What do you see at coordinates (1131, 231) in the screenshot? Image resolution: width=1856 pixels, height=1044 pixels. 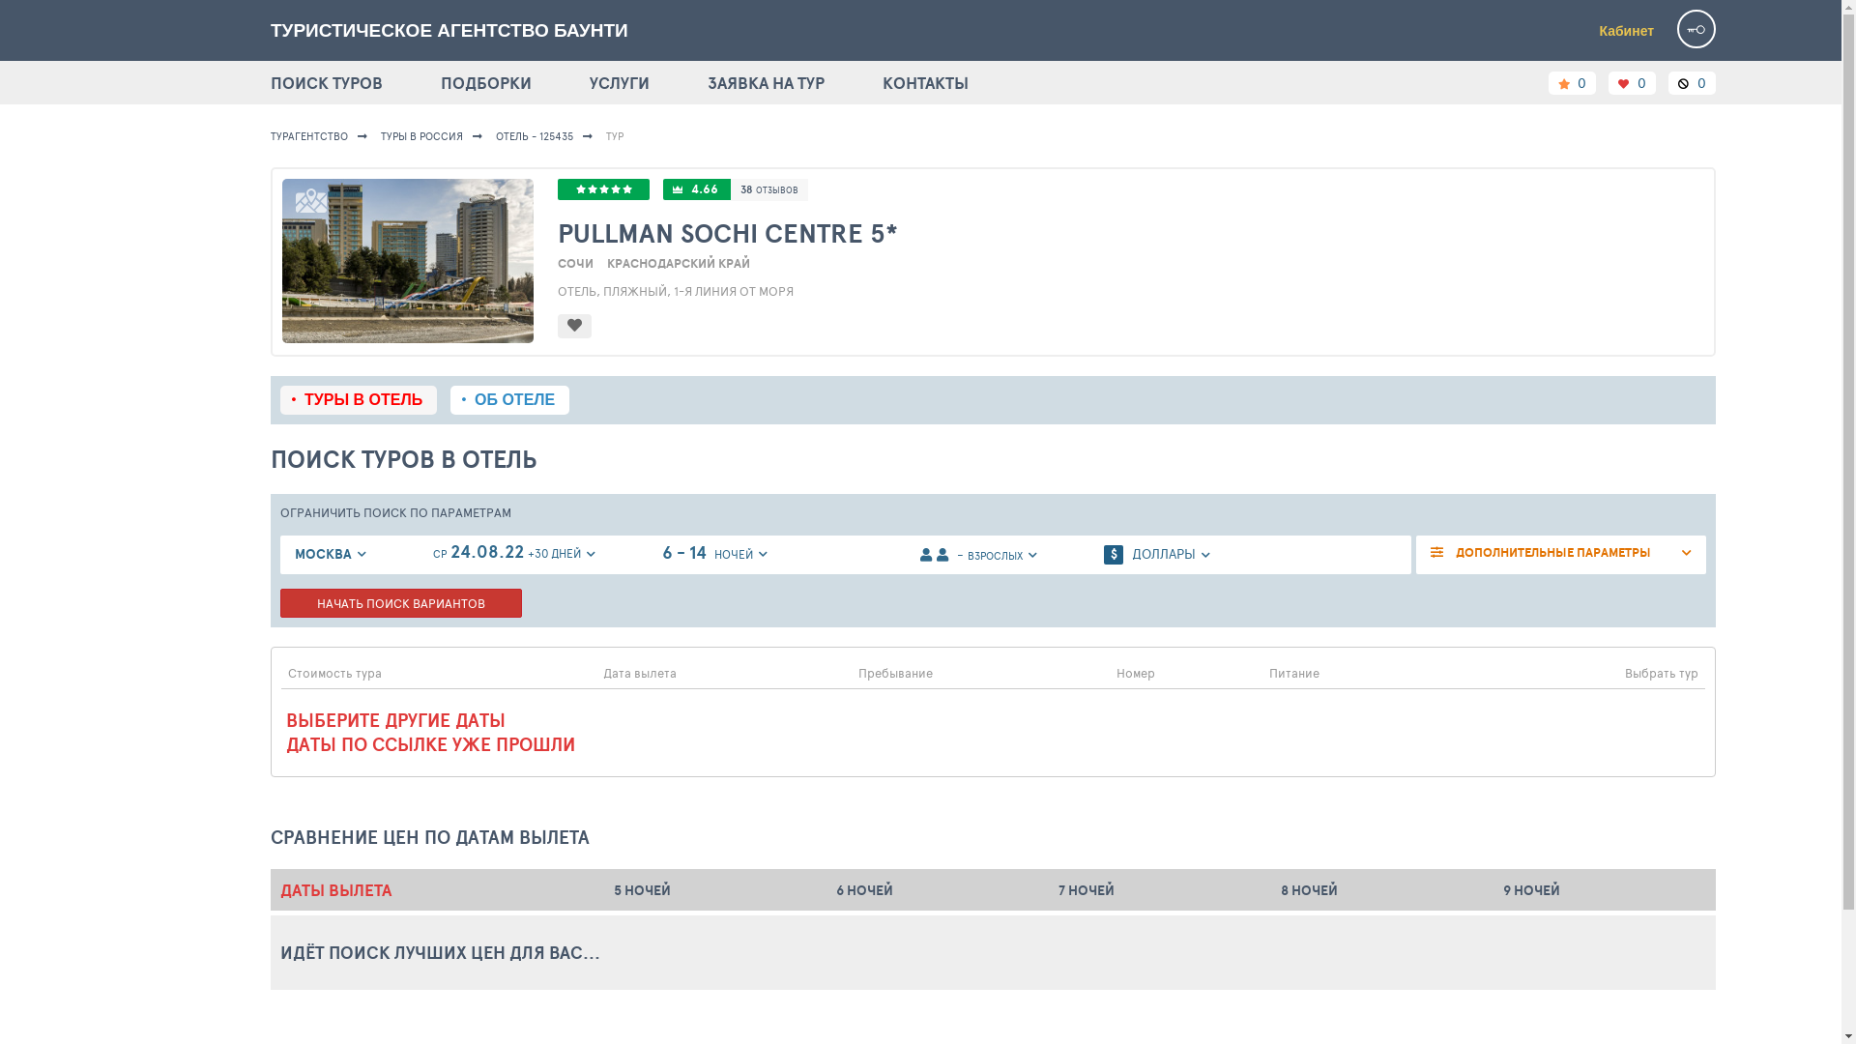 I see `'PULLMAN SOCHI CENTRE 5*'` at bounding box center [1131, 231].